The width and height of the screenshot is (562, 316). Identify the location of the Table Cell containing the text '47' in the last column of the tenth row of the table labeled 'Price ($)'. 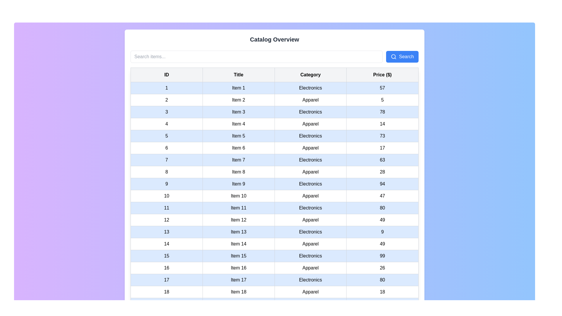
(382, 196).